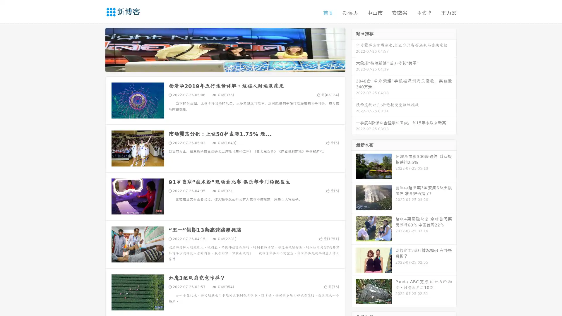 This screenshot has height=316, width=562. What do you see at coordinates (219, 66) in the screenshot?
I see `Go to slide 1` at bounding box center [219, 66].